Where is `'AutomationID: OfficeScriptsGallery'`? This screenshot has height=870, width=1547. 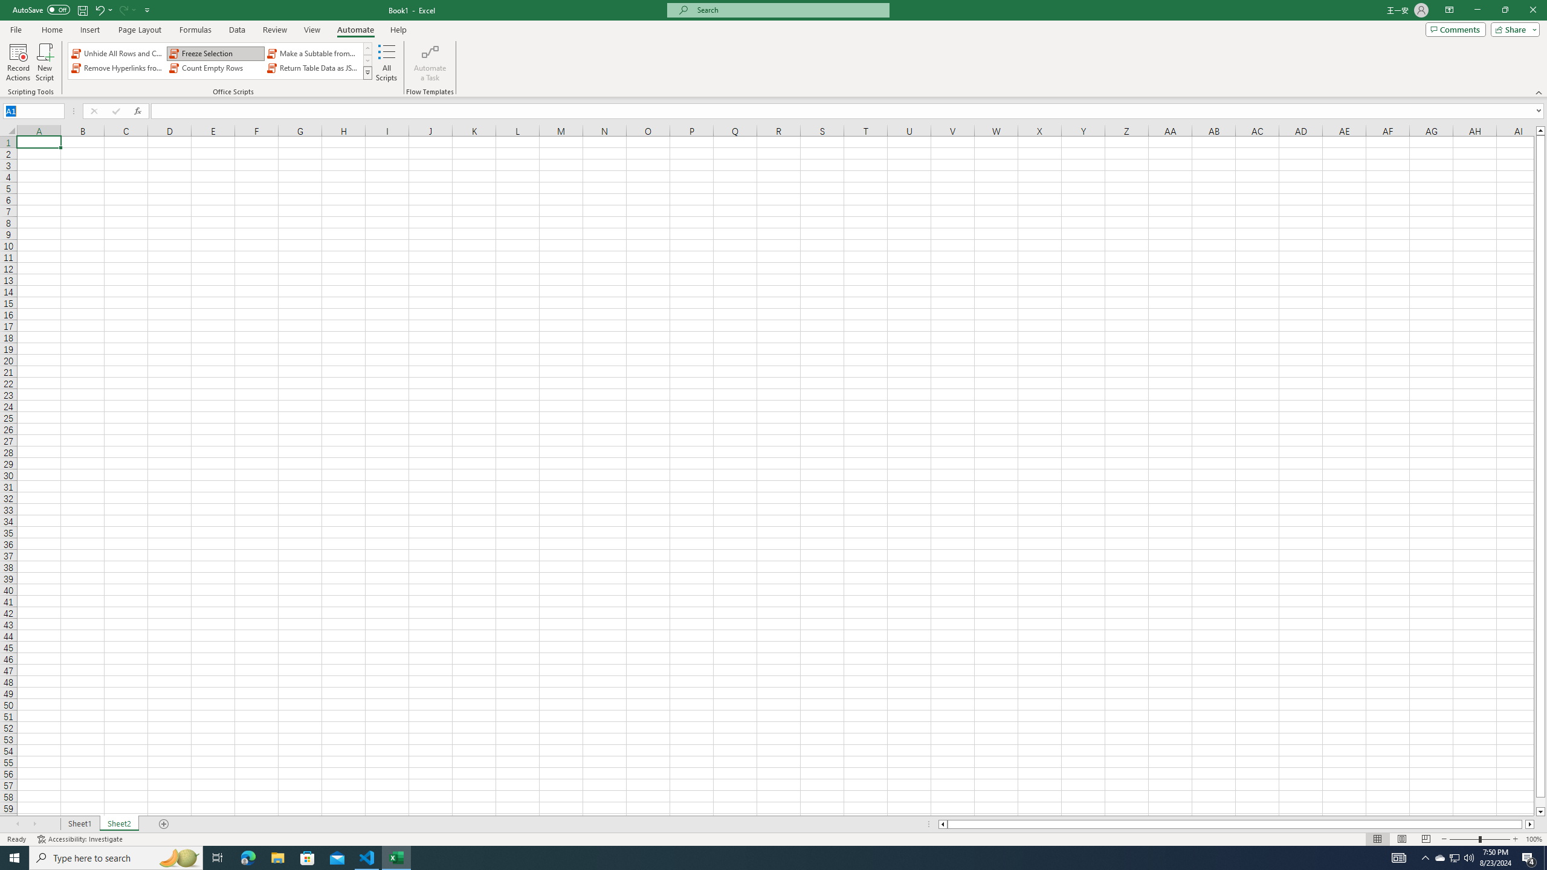 'AutomationID: OfficeScriptsGallery' is located at coordinates (219, 60).